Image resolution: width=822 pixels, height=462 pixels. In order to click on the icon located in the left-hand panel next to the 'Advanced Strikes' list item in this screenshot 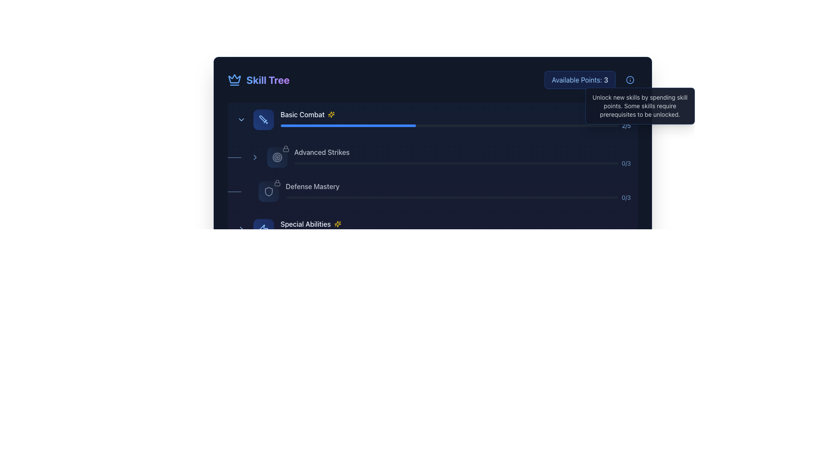, I will do `click(254, 157)`.